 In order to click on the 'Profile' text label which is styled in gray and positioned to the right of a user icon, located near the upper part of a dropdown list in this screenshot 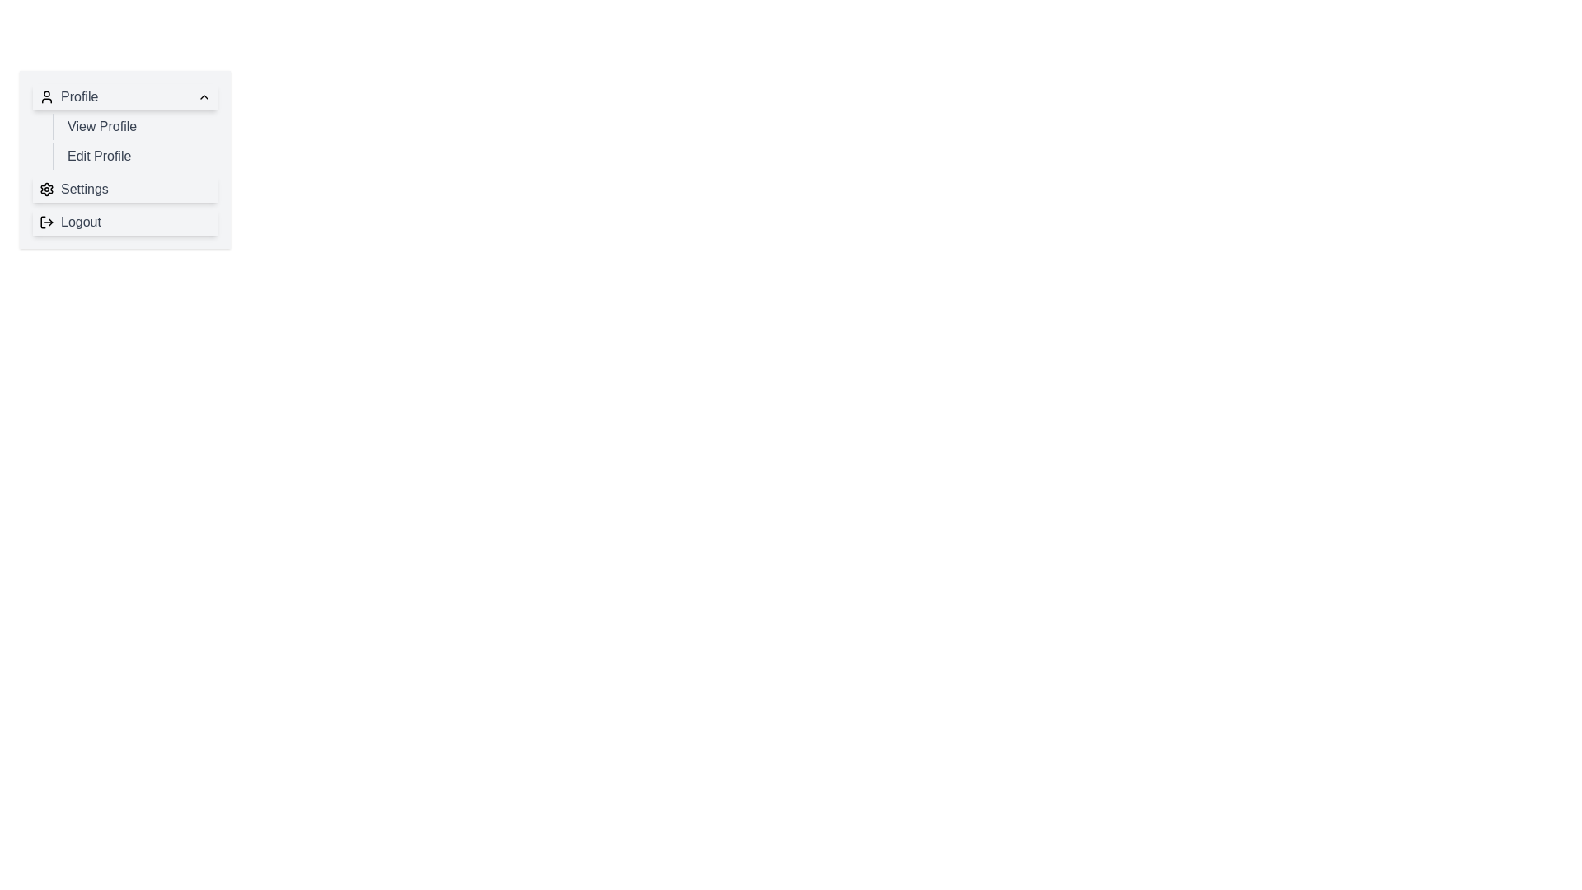, I will do `click(68, 97)`.